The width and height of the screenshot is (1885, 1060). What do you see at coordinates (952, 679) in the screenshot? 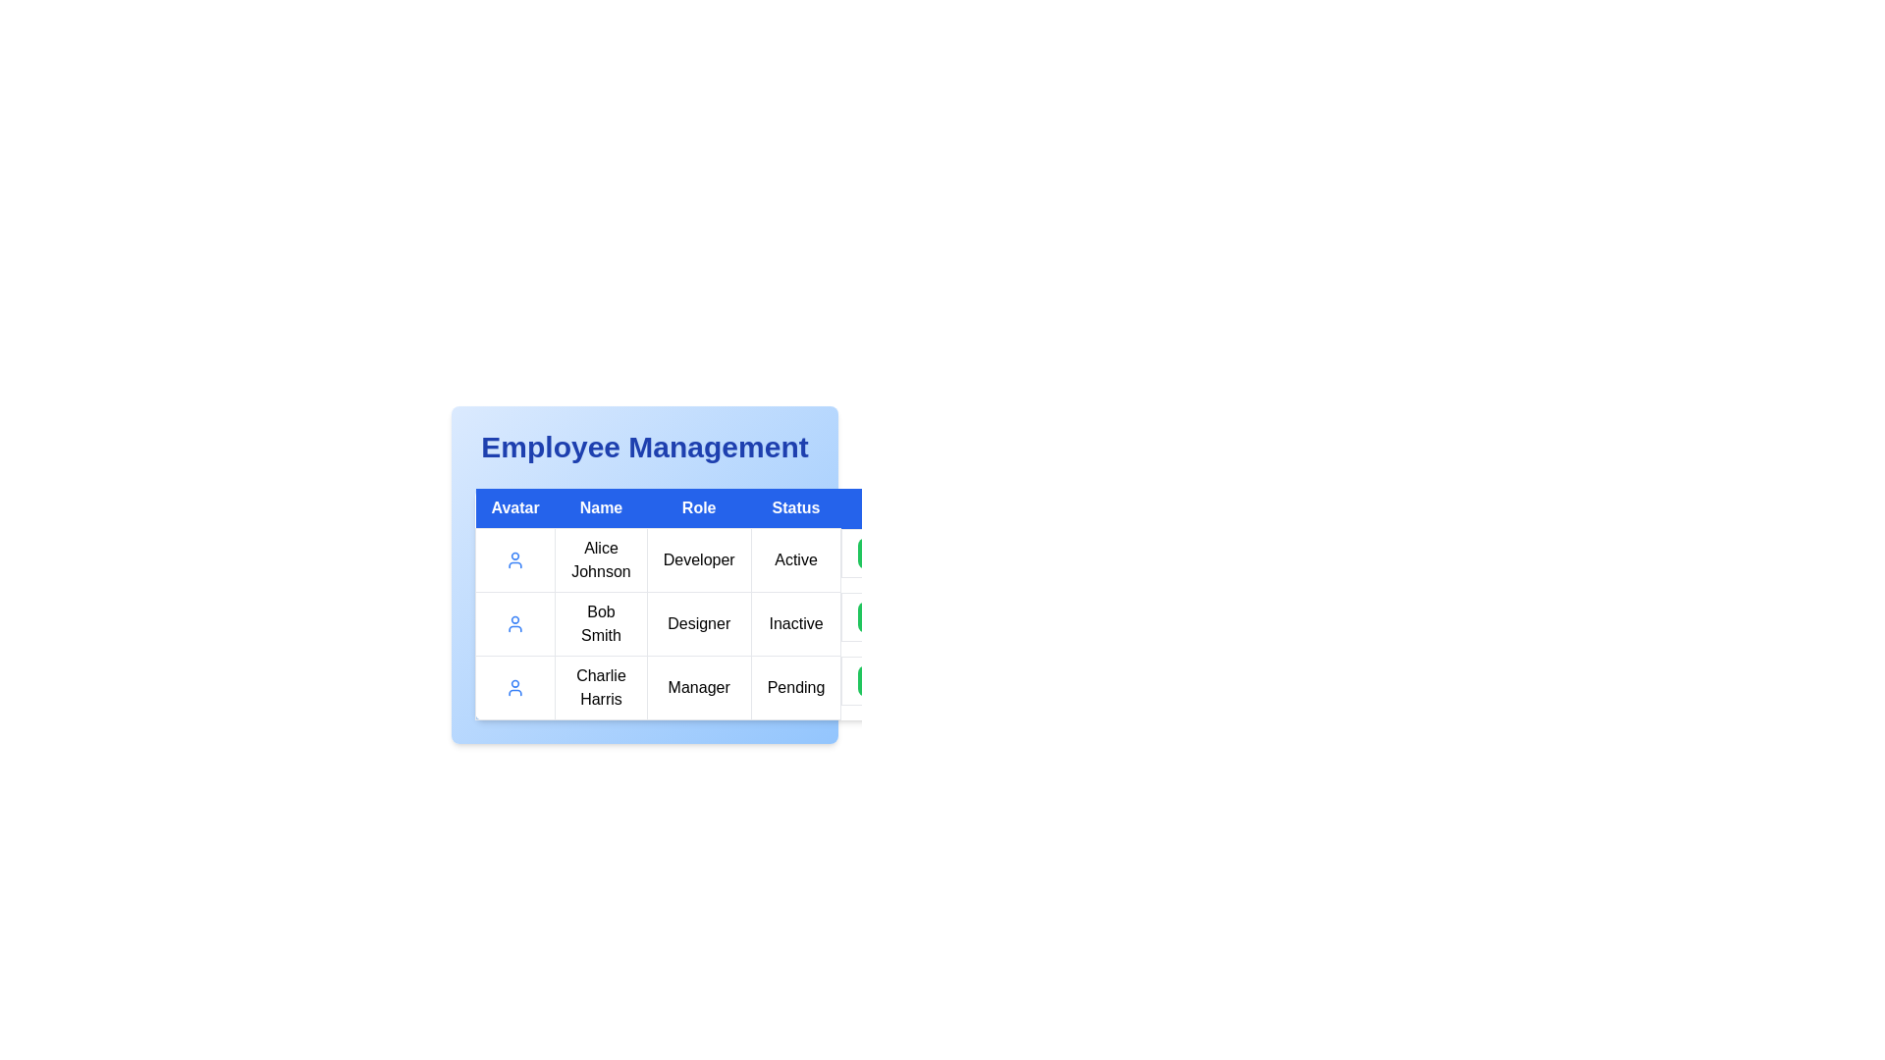
I see `the delete button located at the rightmost side of a group of three buttons for removing an associated item from the data table` at bounding box center [952, 679].